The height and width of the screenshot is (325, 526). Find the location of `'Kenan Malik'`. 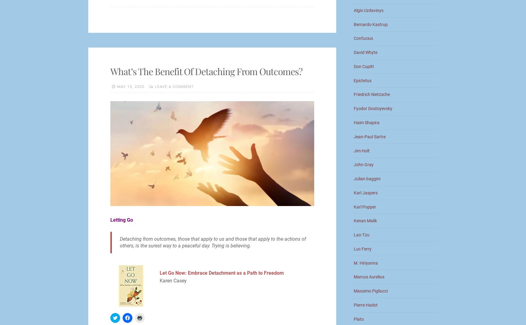

'Kenan Malik' is located at coordinates (365, 220).